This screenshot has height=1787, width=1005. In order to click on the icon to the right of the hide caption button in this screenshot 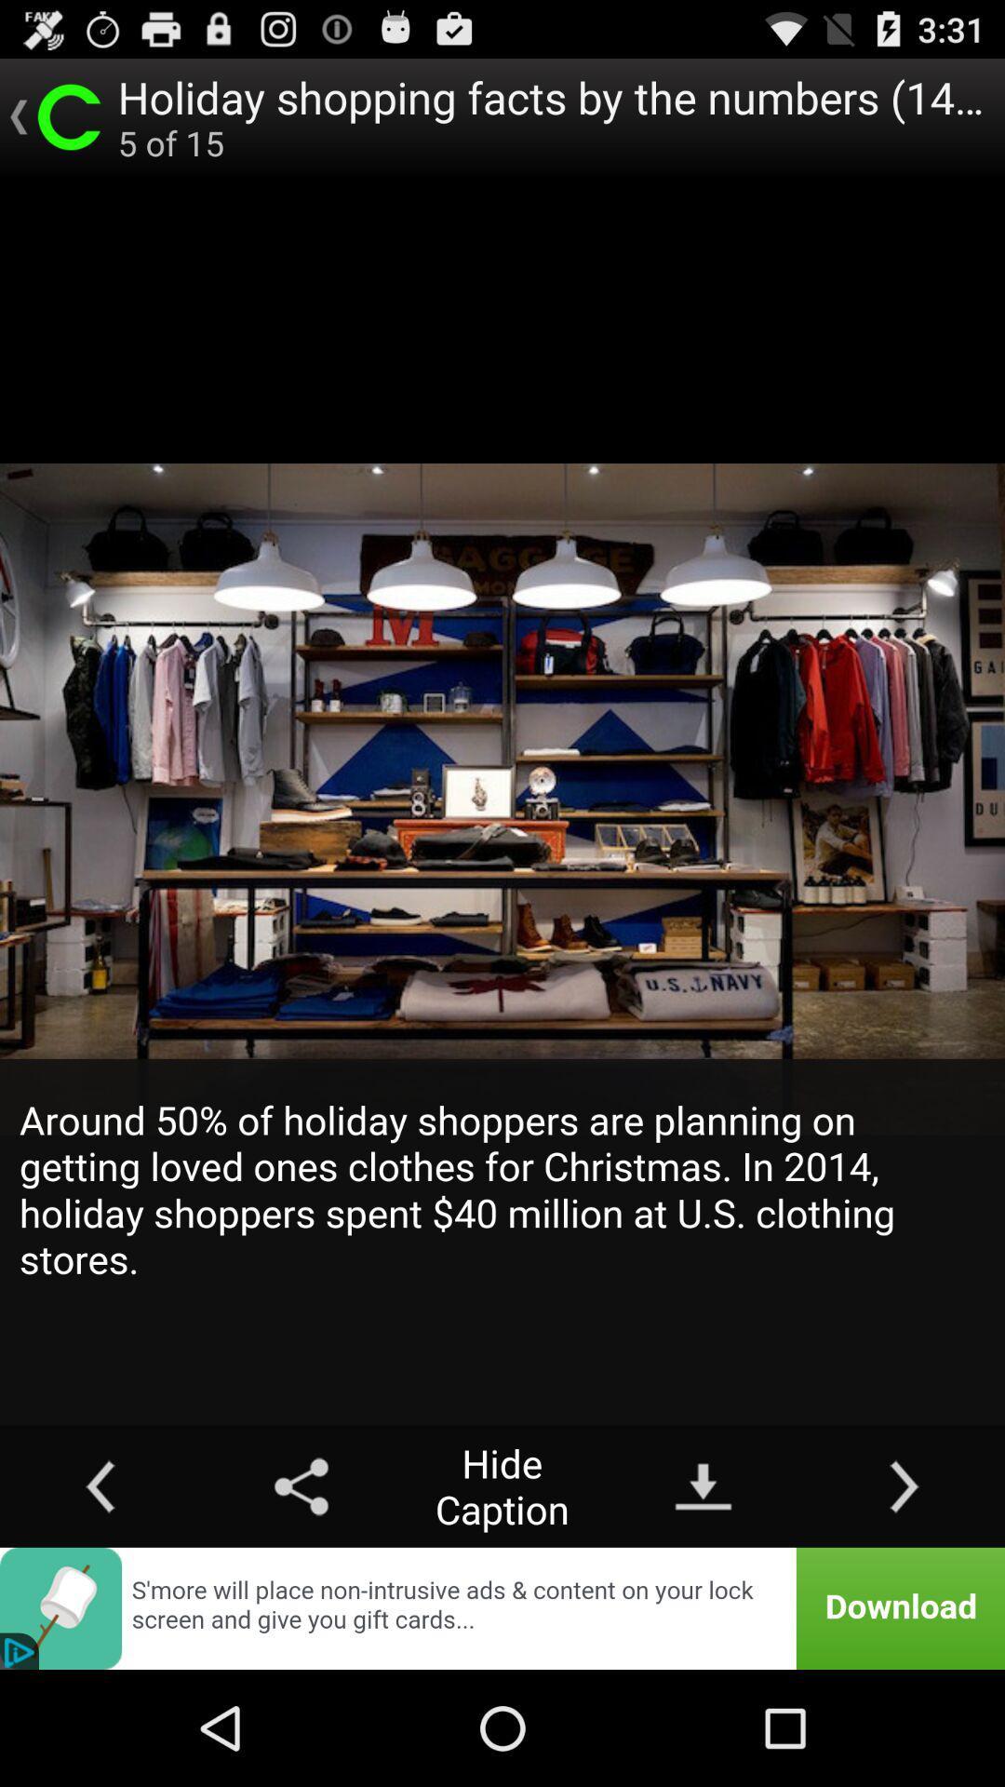, I will do `click(703, 1485)`.